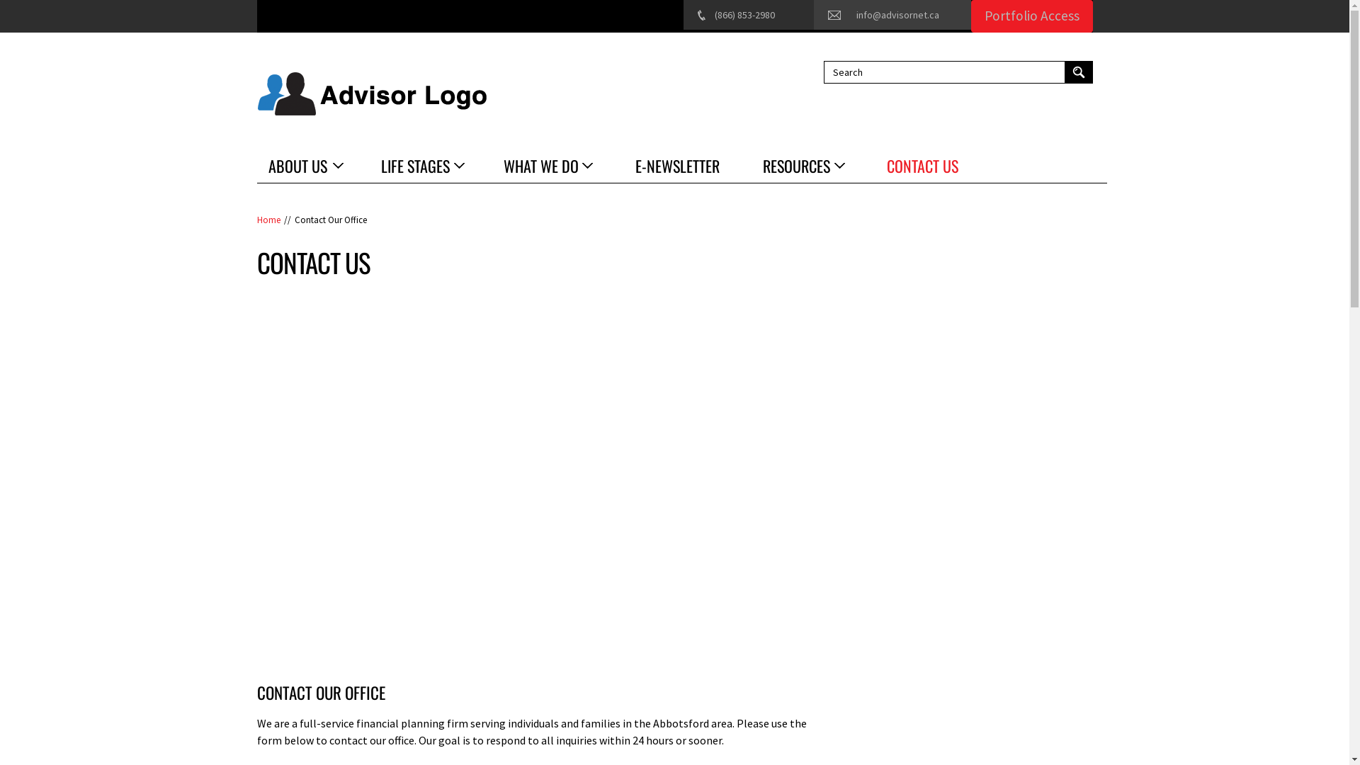  Describe the element at coordinates (802, 165) in the screenshot. I see `'RESOURCES'` at that location.